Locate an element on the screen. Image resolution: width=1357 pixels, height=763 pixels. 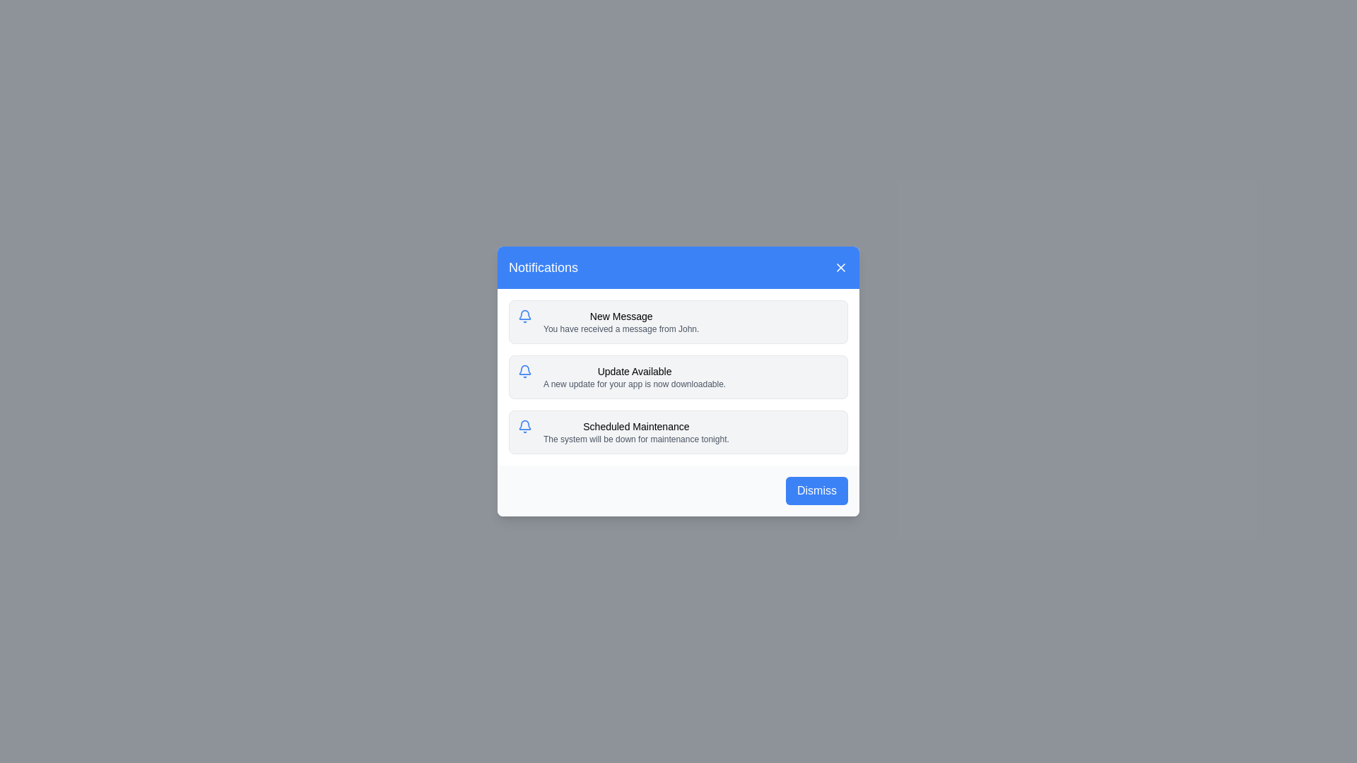
the text label displaying 'Scheduled Maintenance', which is styled as a headline and positioned at the top of the third notification block is located at coordinates (635, 426).